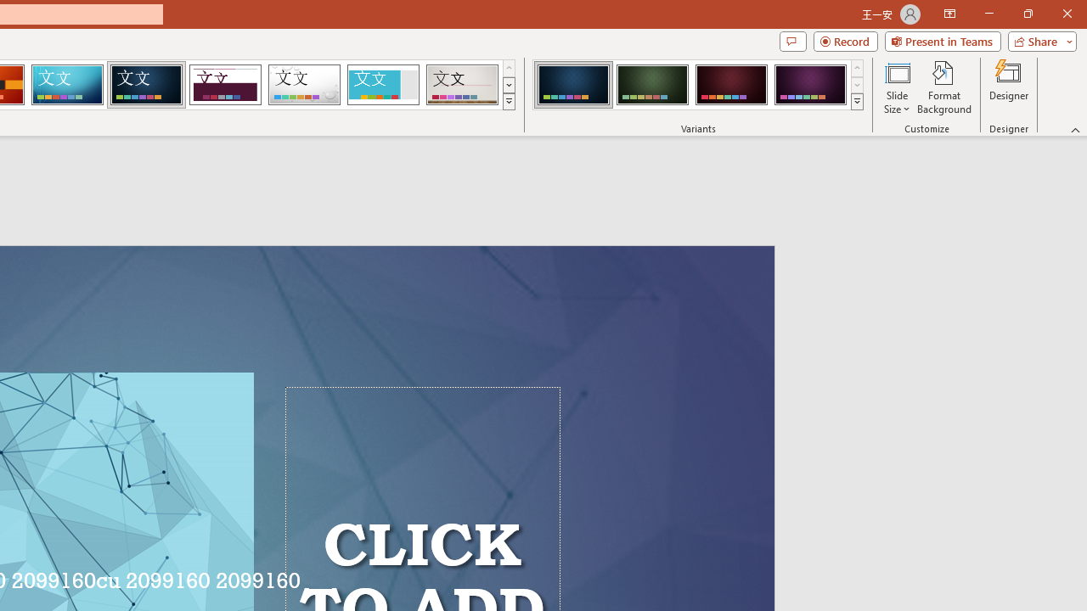 Image resolution: width=1087 pixels, height=611 pixels. What do you see at coordinates (809, 85) in the screenshot?
I see `'Damask Variant 4'` at bounding box center [809, 85].